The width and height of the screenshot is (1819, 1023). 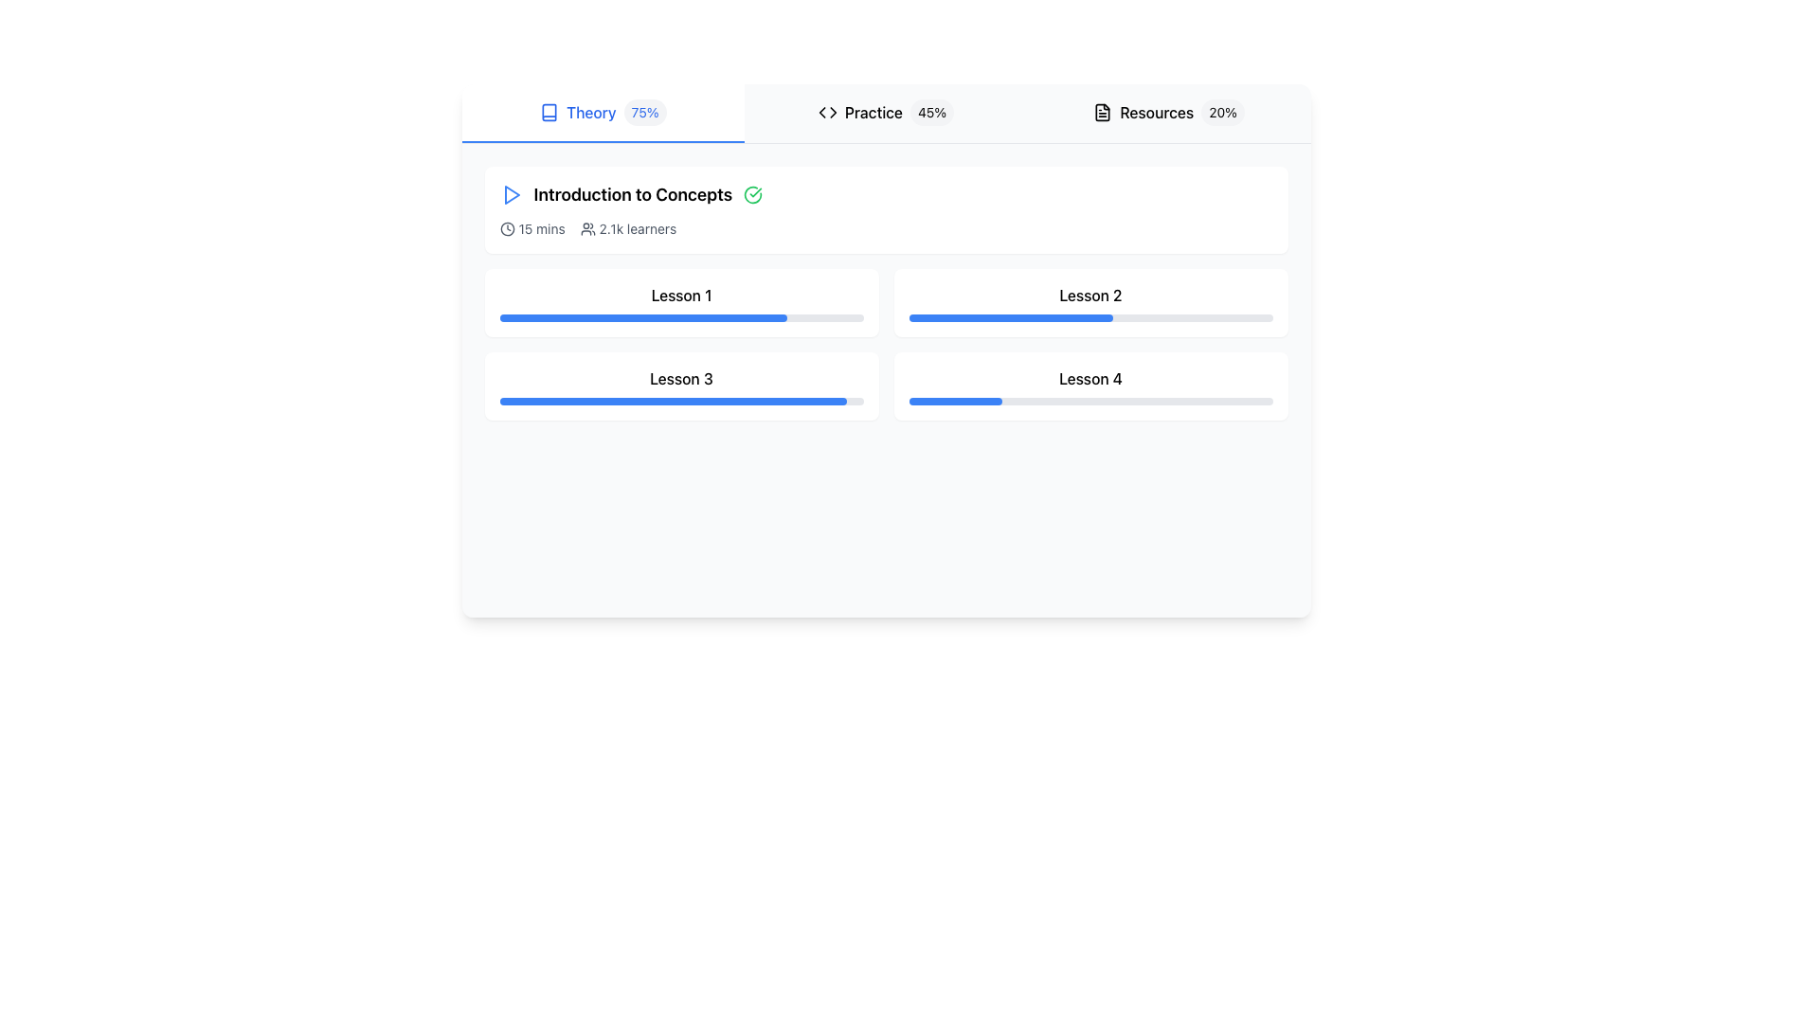 What do you see at coordinates (643, 316) in the screenshot?
I see `the blue filled progress bar indicator within the 'Lesson 1' section under the 'Introduction to Concepts' heading` at bounding box center [643, 316].